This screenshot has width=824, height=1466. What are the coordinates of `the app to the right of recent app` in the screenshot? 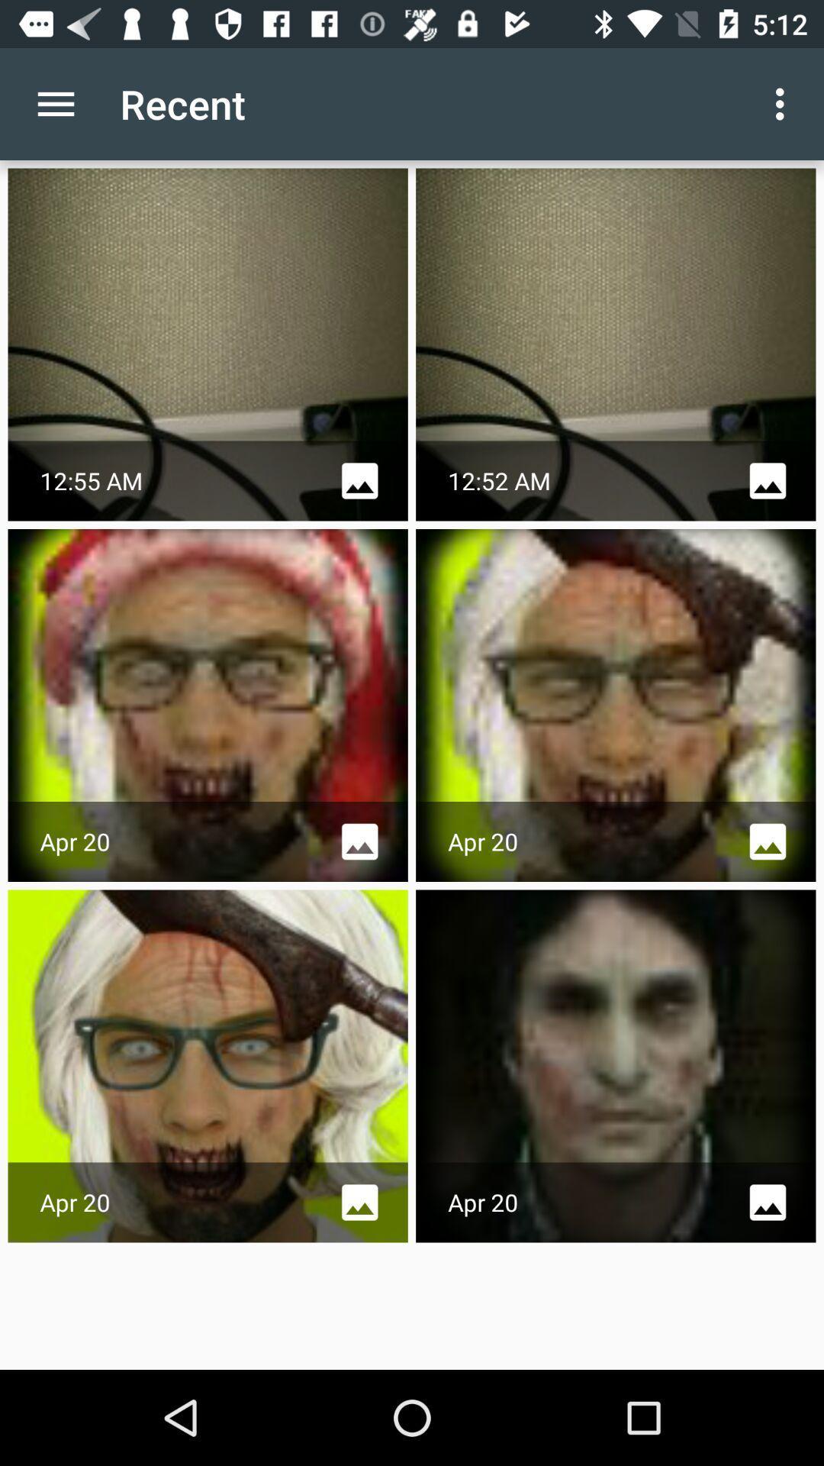 It's located at (784, 103).